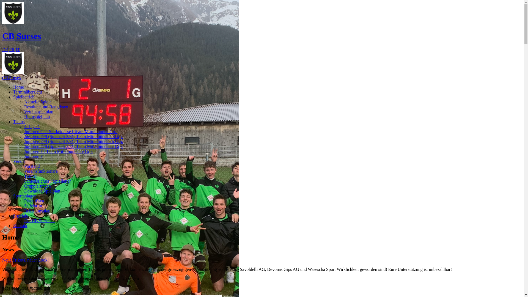  What do you see at coordinates (21, 36) in the screenshot?
I see `'CB Surses'` at bounding box center [21, 36].